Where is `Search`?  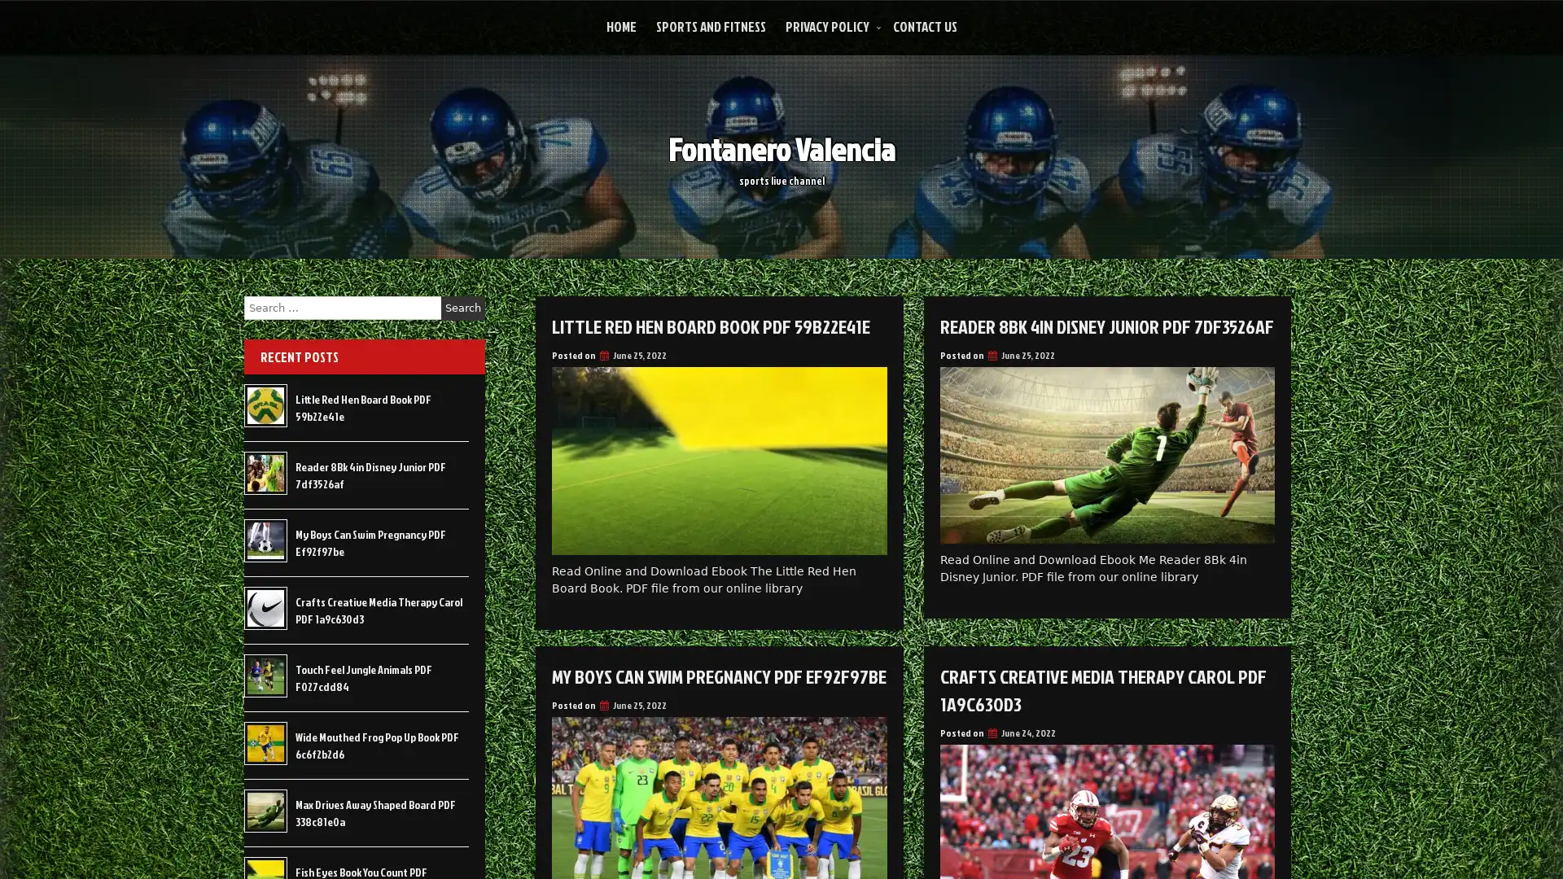 Search is located at coordinates (462, 308).